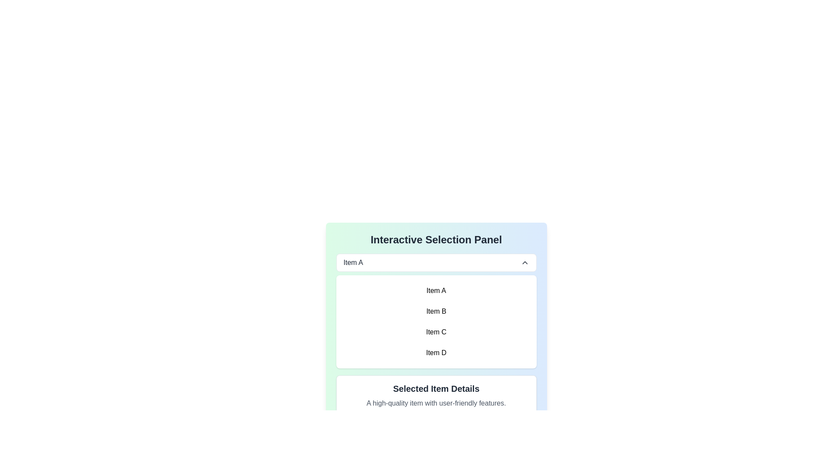 Image resolution: width=829 pixels, height=466 pixels. Describe the element at coordinates (353, 262) in the screenshot. I see `the first option in the dropdown list` at that location.